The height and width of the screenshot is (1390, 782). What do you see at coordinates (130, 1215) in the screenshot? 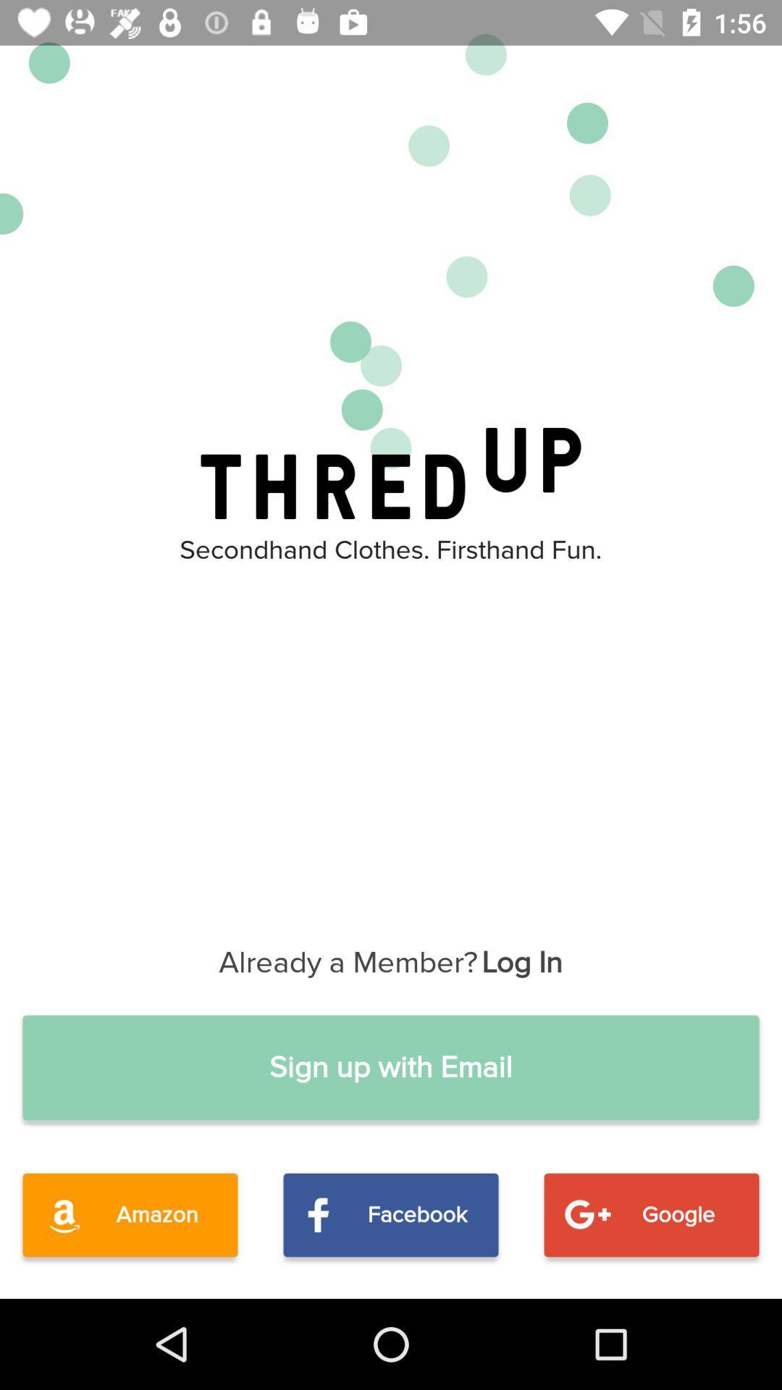
I see `item below sign up with item` at bounding box center [130, 1215].